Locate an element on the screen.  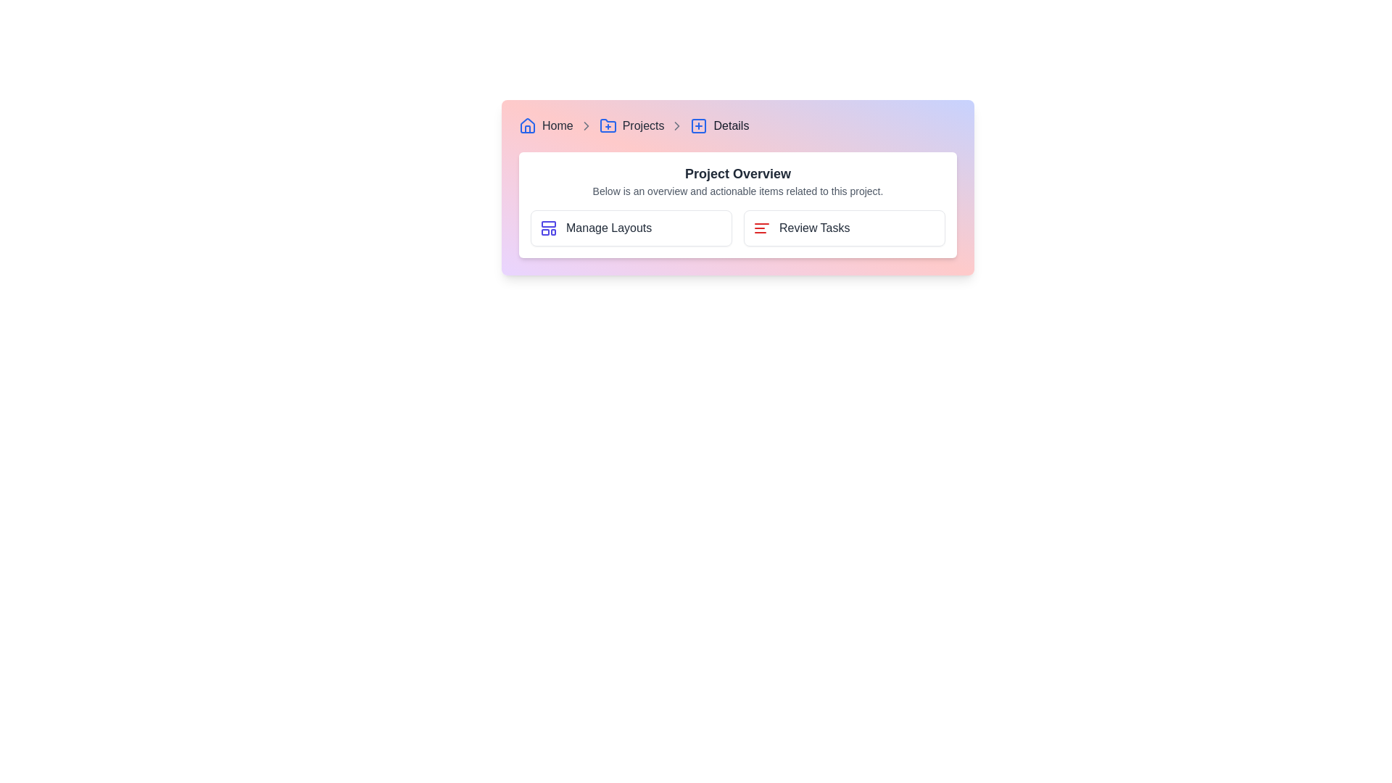
the 'Details' text in the breadcrumb navigation is located at coordinates (737, 125).